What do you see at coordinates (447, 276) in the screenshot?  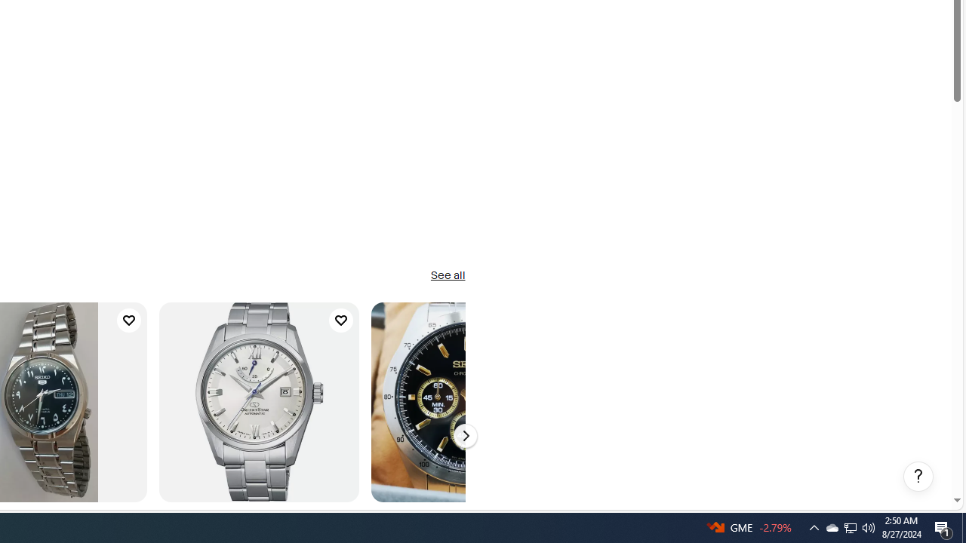 I see `'See all'` at bounding box center [447, 276].